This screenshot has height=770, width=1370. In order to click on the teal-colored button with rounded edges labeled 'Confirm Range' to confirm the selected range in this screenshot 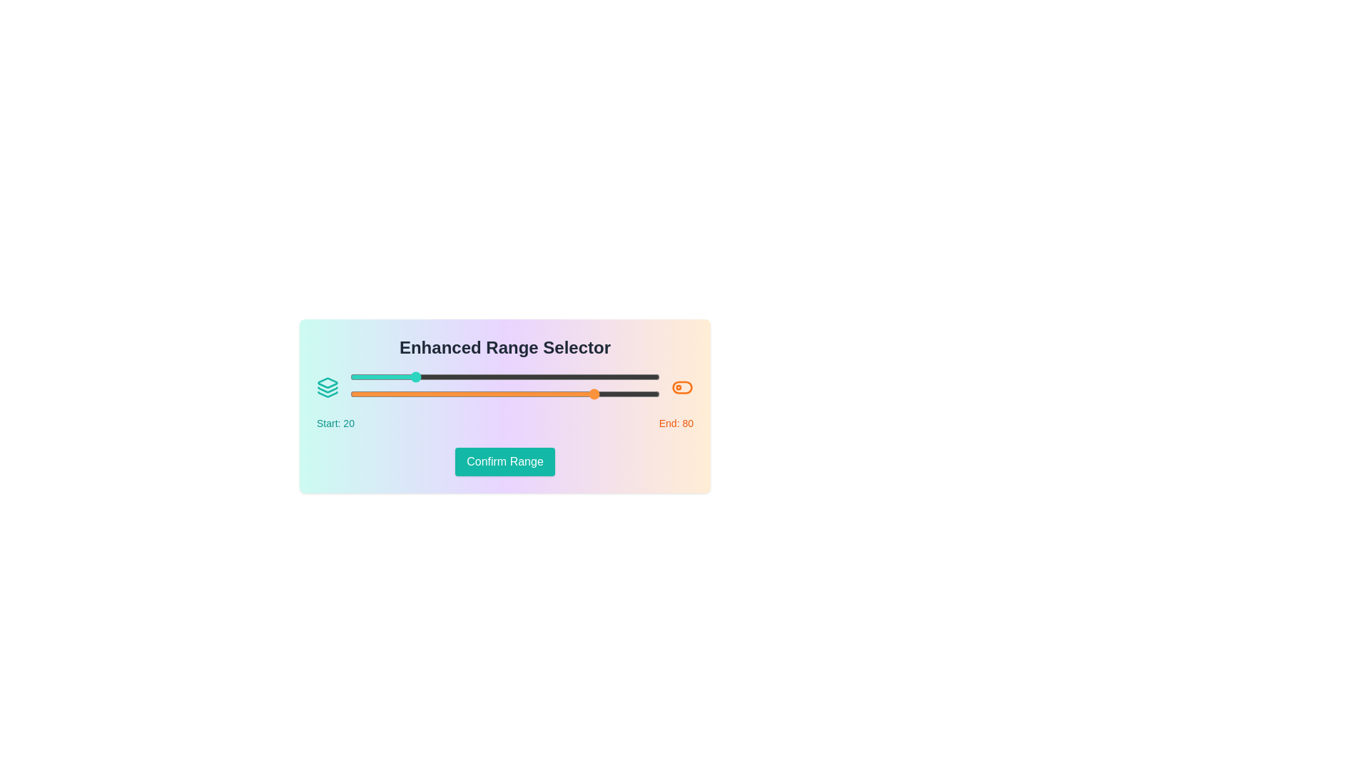, I will do `click(504, 462)`.